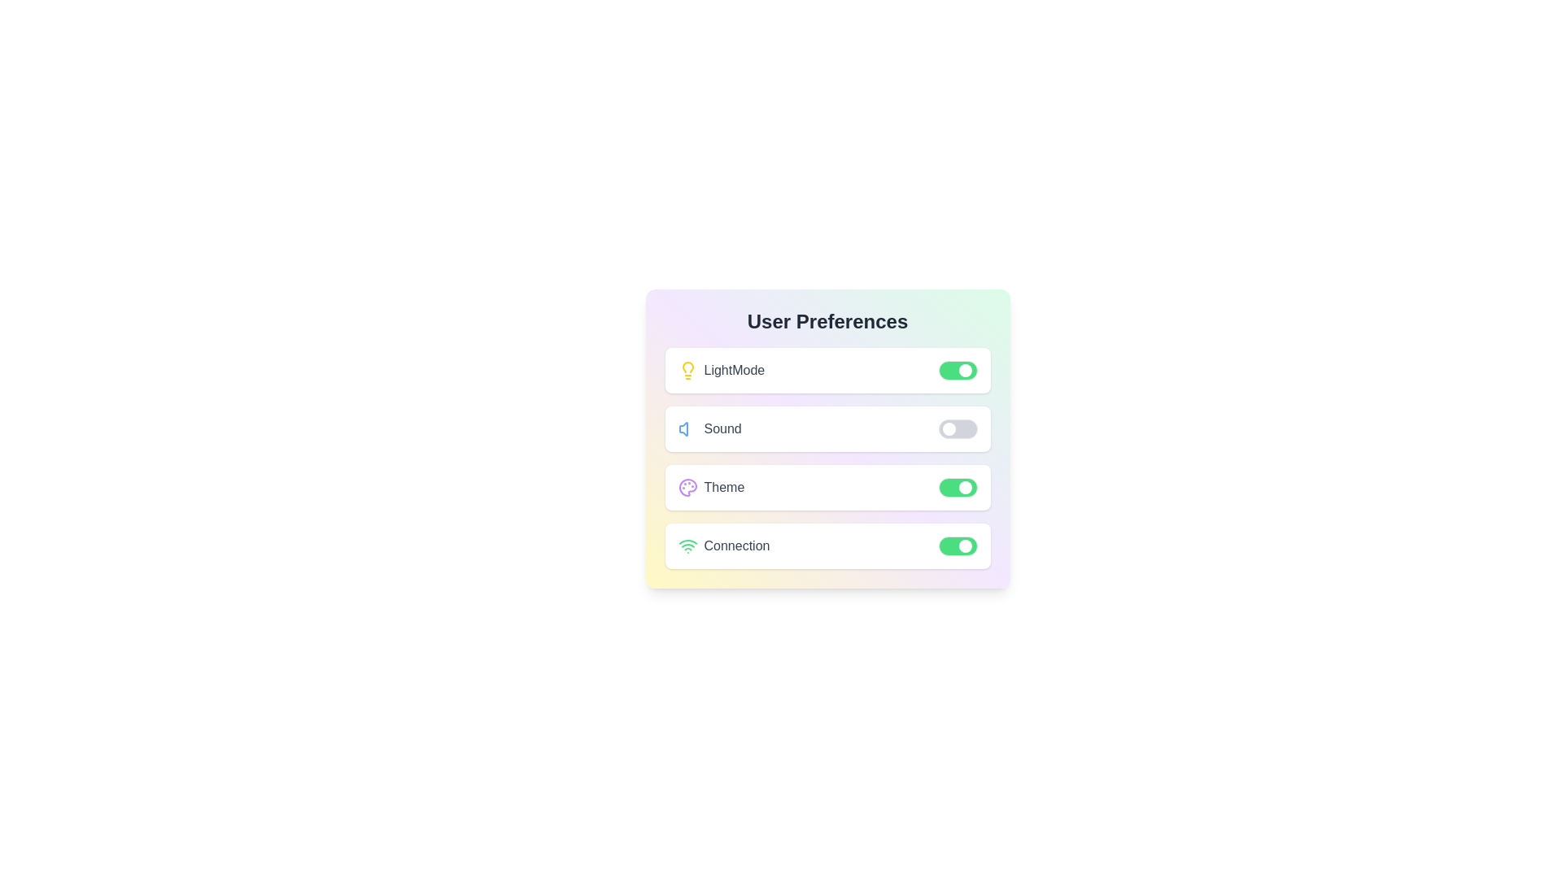  Describe the element at coordinates (965, 370) in the screenshot. I see `the thumb of the toggle switch located in the top row of the 'User Preferences' panel, aligned with the 'LightMode' label` at that location.